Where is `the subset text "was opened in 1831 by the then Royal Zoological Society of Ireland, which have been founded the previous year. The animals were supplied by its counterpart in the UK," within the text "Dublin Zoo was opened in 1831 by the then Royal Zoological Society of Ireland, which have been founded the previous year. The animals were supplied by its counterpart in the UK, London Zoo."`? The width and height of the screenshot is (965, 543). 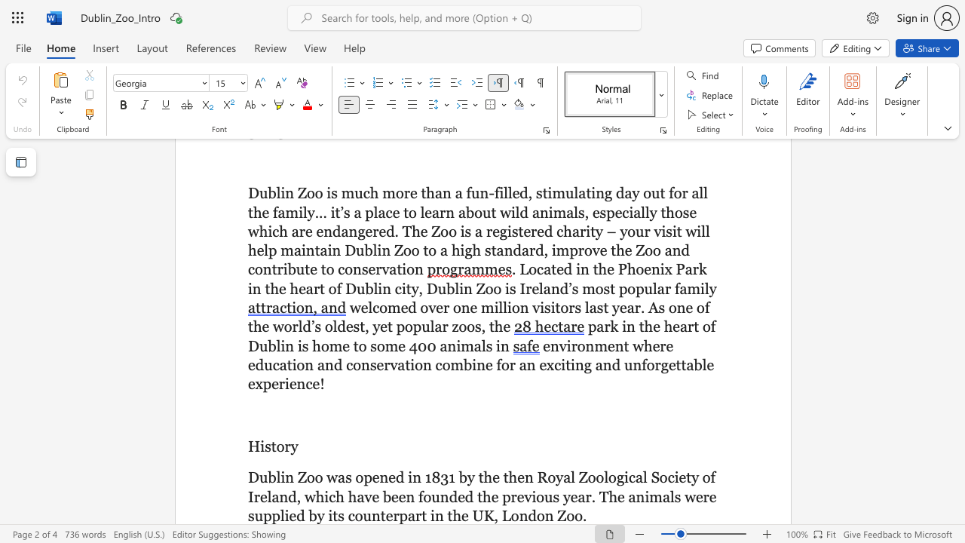
the subset text "was opened in 1831 by the then Royal Zoological Society of Ireland, which have been founded the previous year. The animals were supplied by its counterpart in the UK," within the text "Dublin Zoo was opened in 1831 by the then Royal Zoological Society of Ireland, which have been founded the previous year. The animals were supplied by its counterpart in the UK, London Zoo." is located at coordinates (326, 477).